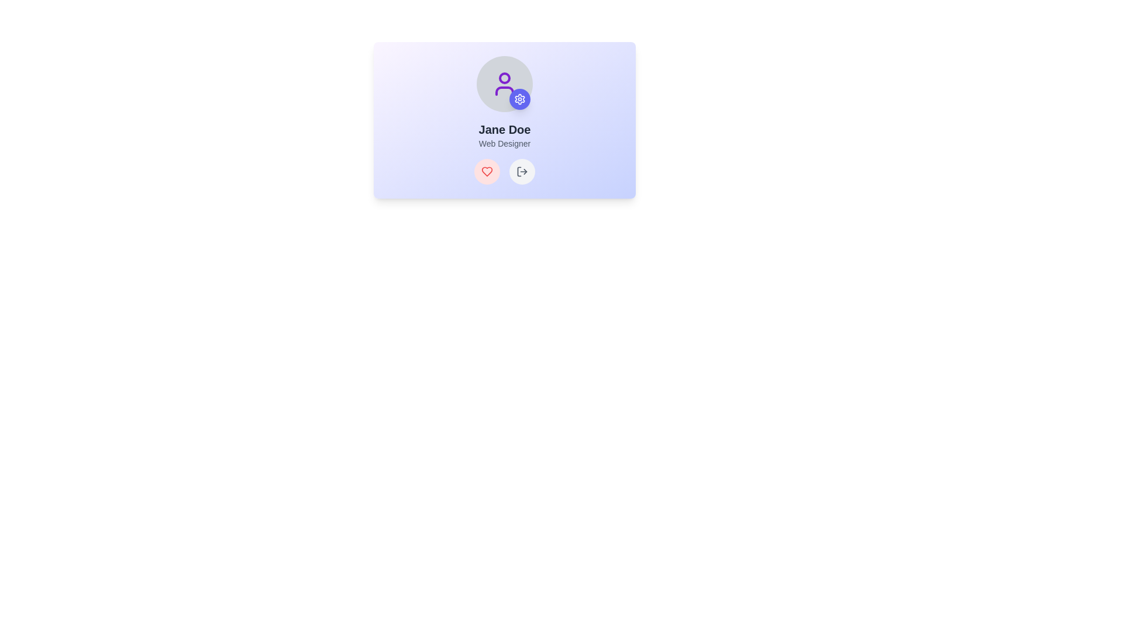 This screenshot has width=1123, height=631. Describe the element at coordinates (487, 171) in the screenshot. I see `the heart-shaped icon located beneath Jane Doe's profile image, which serves as a 'like' or 'favorite' action` at that location.